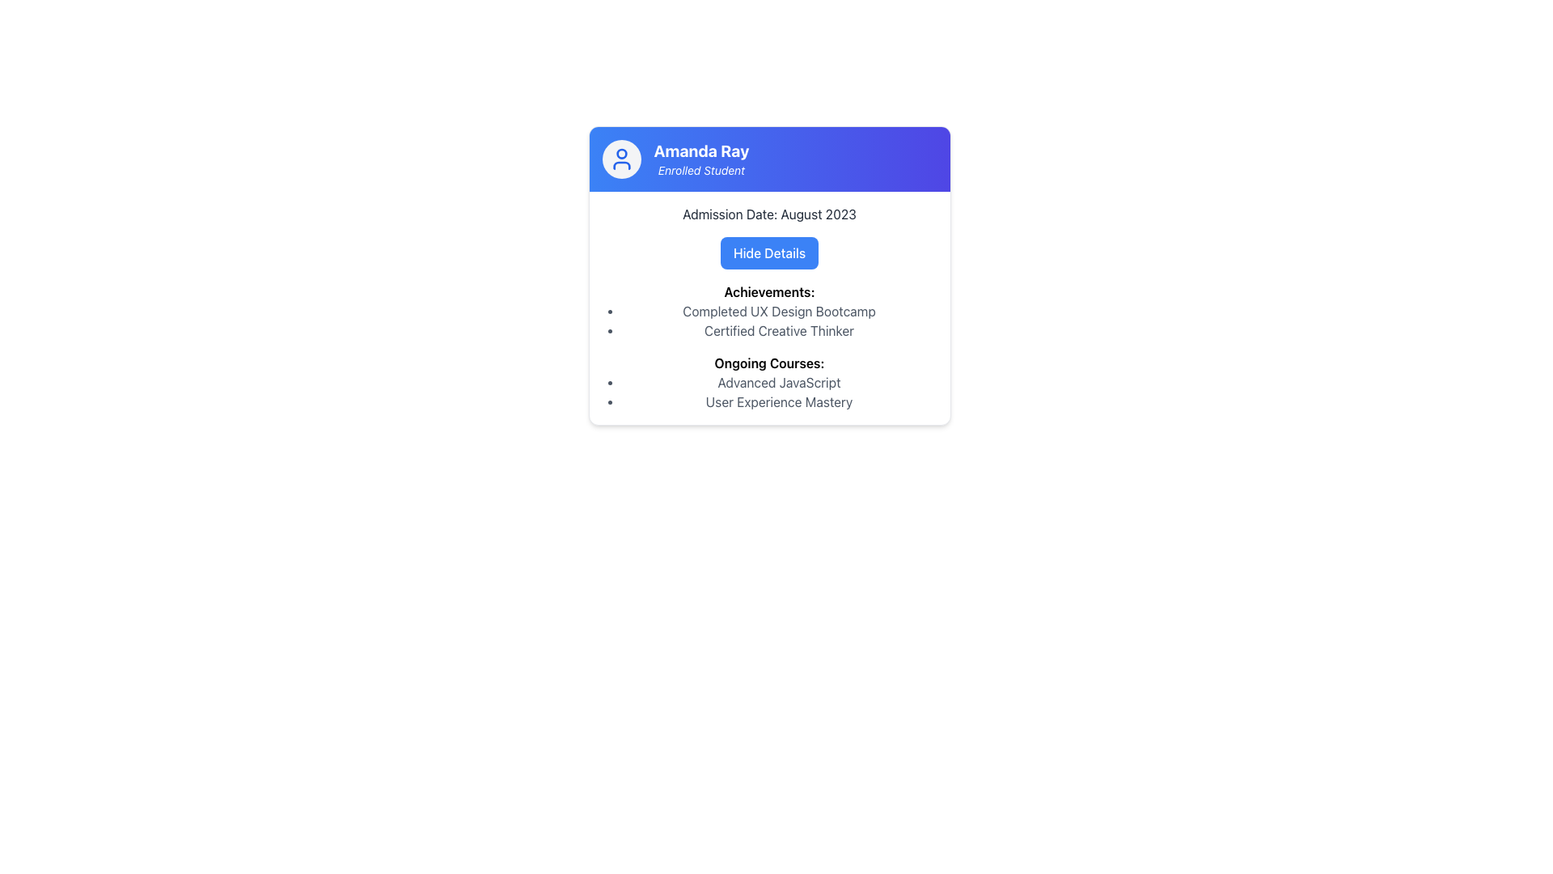 Image resolution: width=1553 pixels, height=874 pixels. Describe the element at coordinates (779, 383) in the screenshot. I see `the text label reading 'Advanced JavaScript', which is the first bullet point in the list titled 'Ongoing Courses:' positioned towards the middle-bottom of the card layout` at that location.